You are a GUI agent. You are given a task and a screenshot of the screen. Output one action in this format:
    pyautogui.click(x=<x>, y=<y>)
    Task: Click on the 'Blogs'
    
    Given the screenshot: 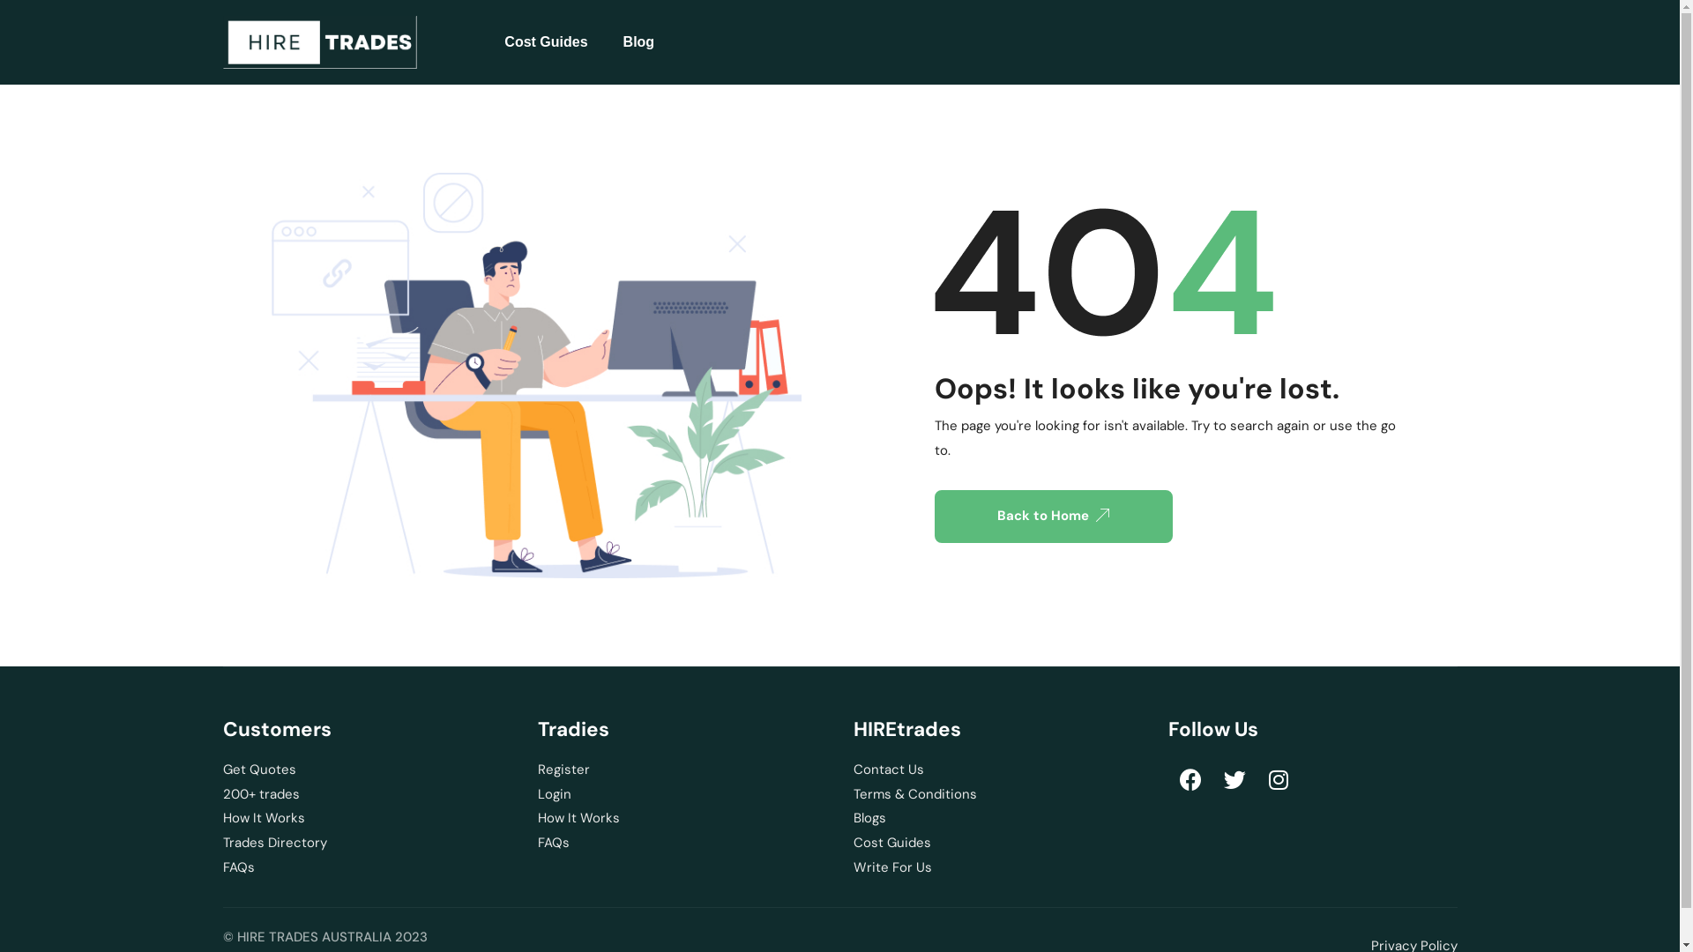 What is the action you would take?
    pyautogui.click(x=998, y=819)
    